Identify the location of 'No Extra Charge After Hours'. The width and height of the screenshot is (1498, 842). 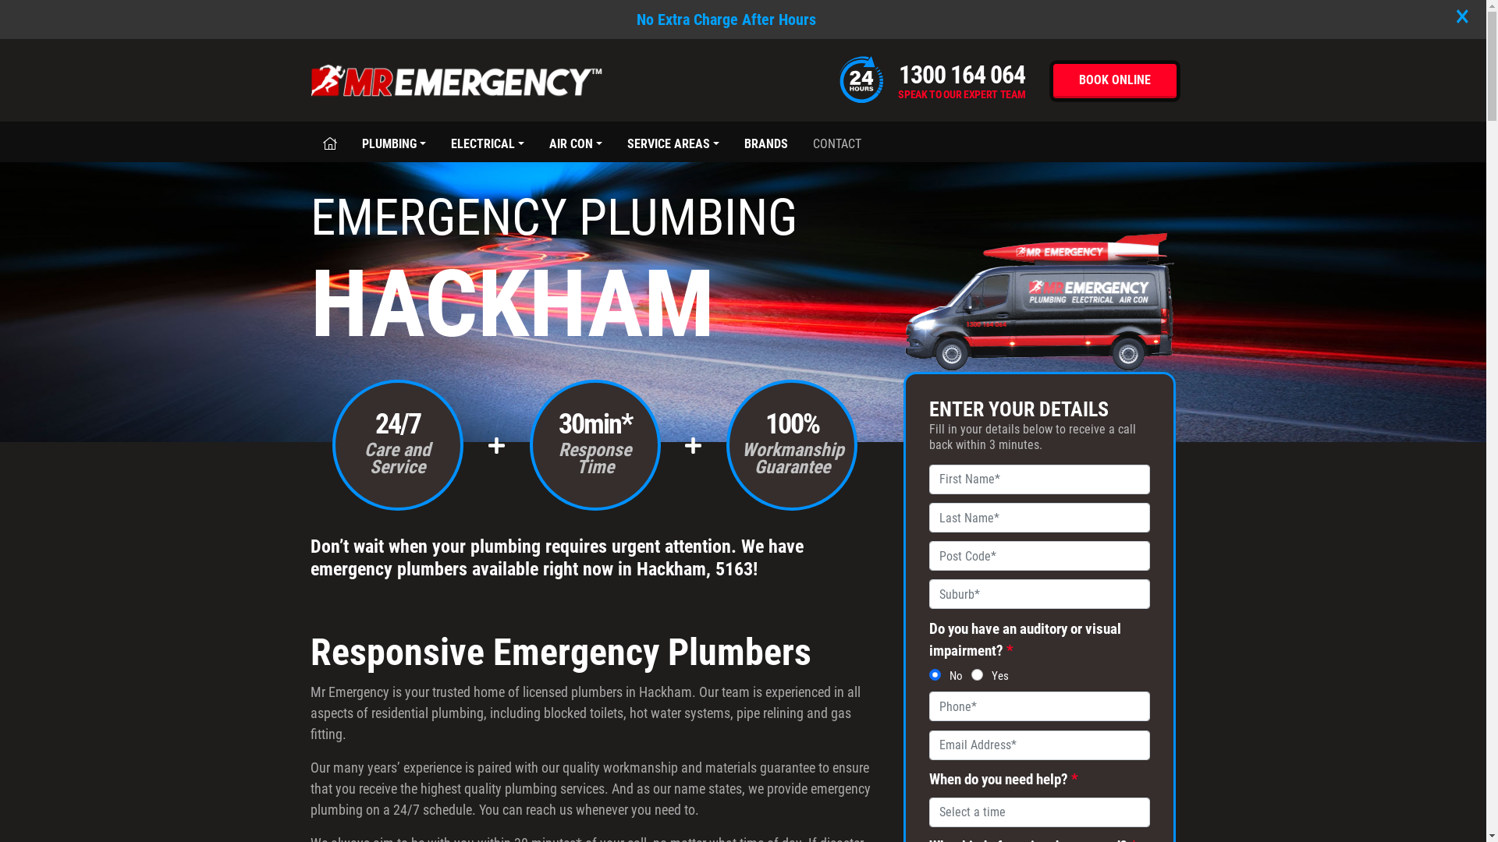
(726, 19).